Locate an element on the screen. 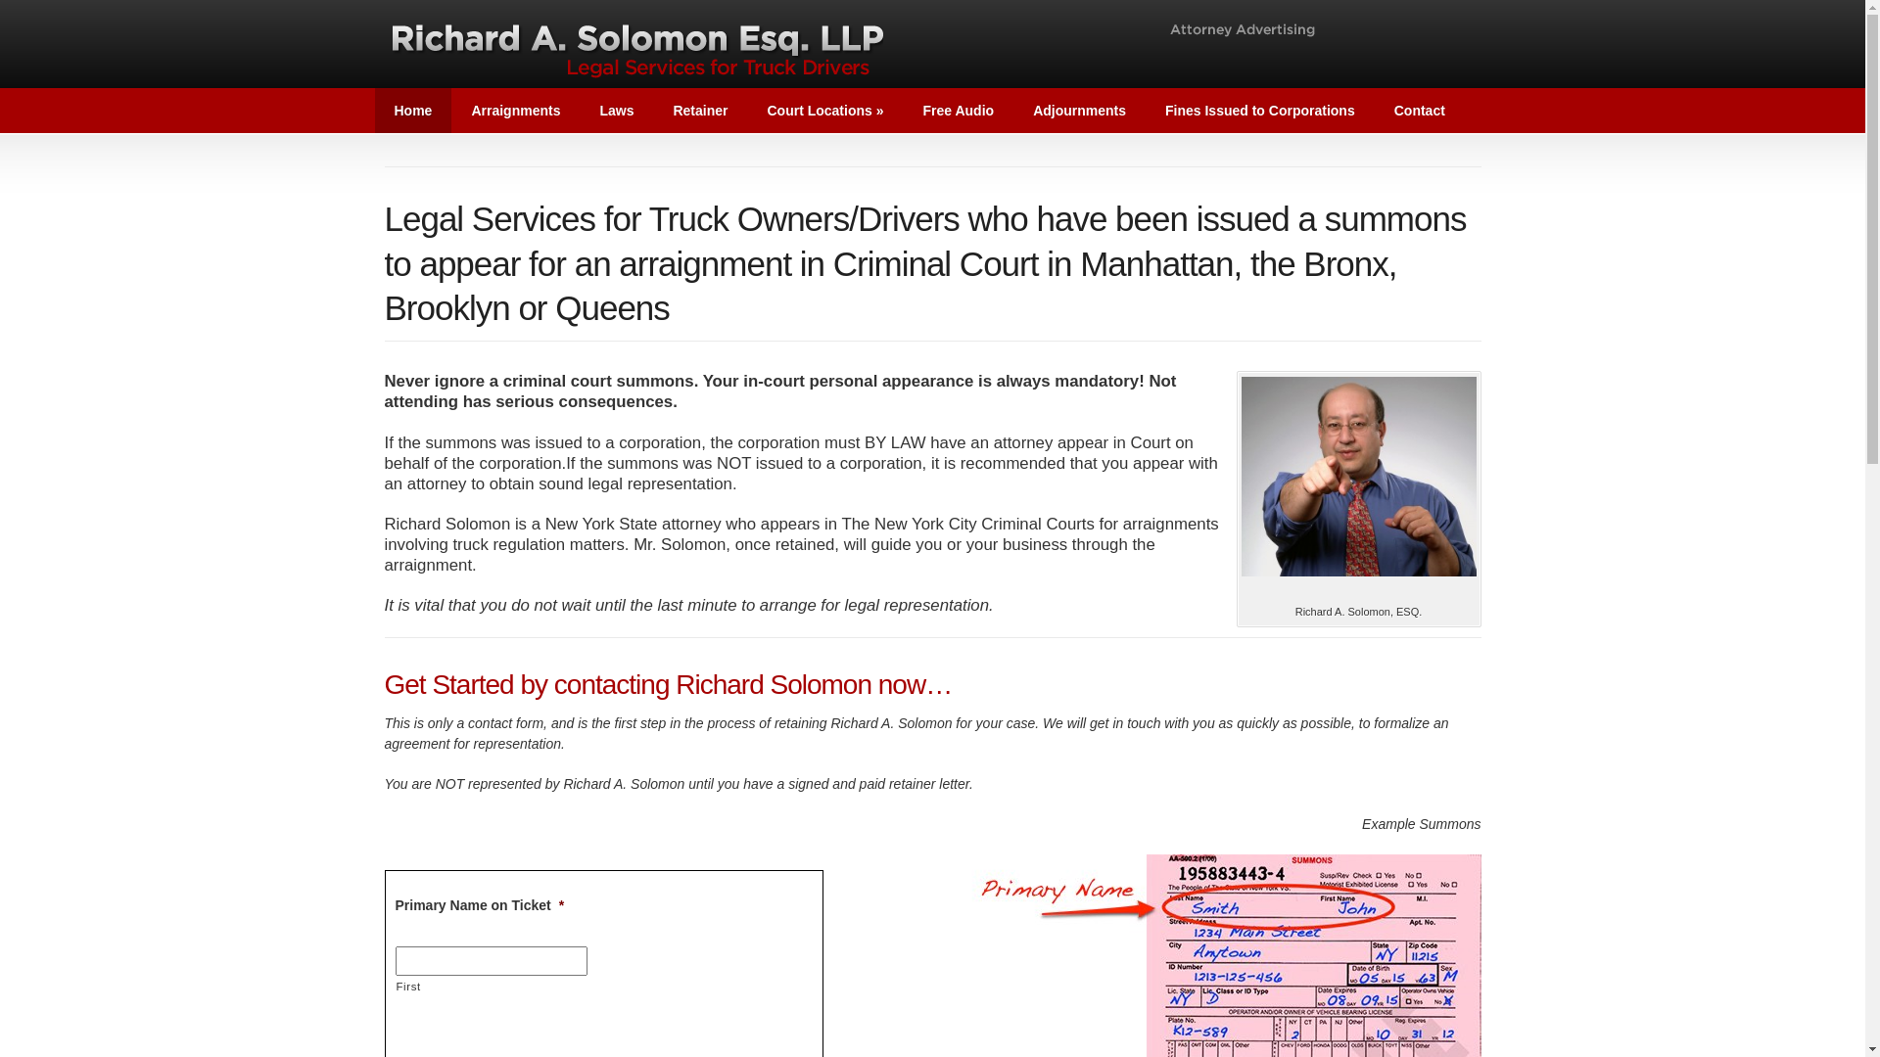  'Submit' is located at coordinates (34, 7).